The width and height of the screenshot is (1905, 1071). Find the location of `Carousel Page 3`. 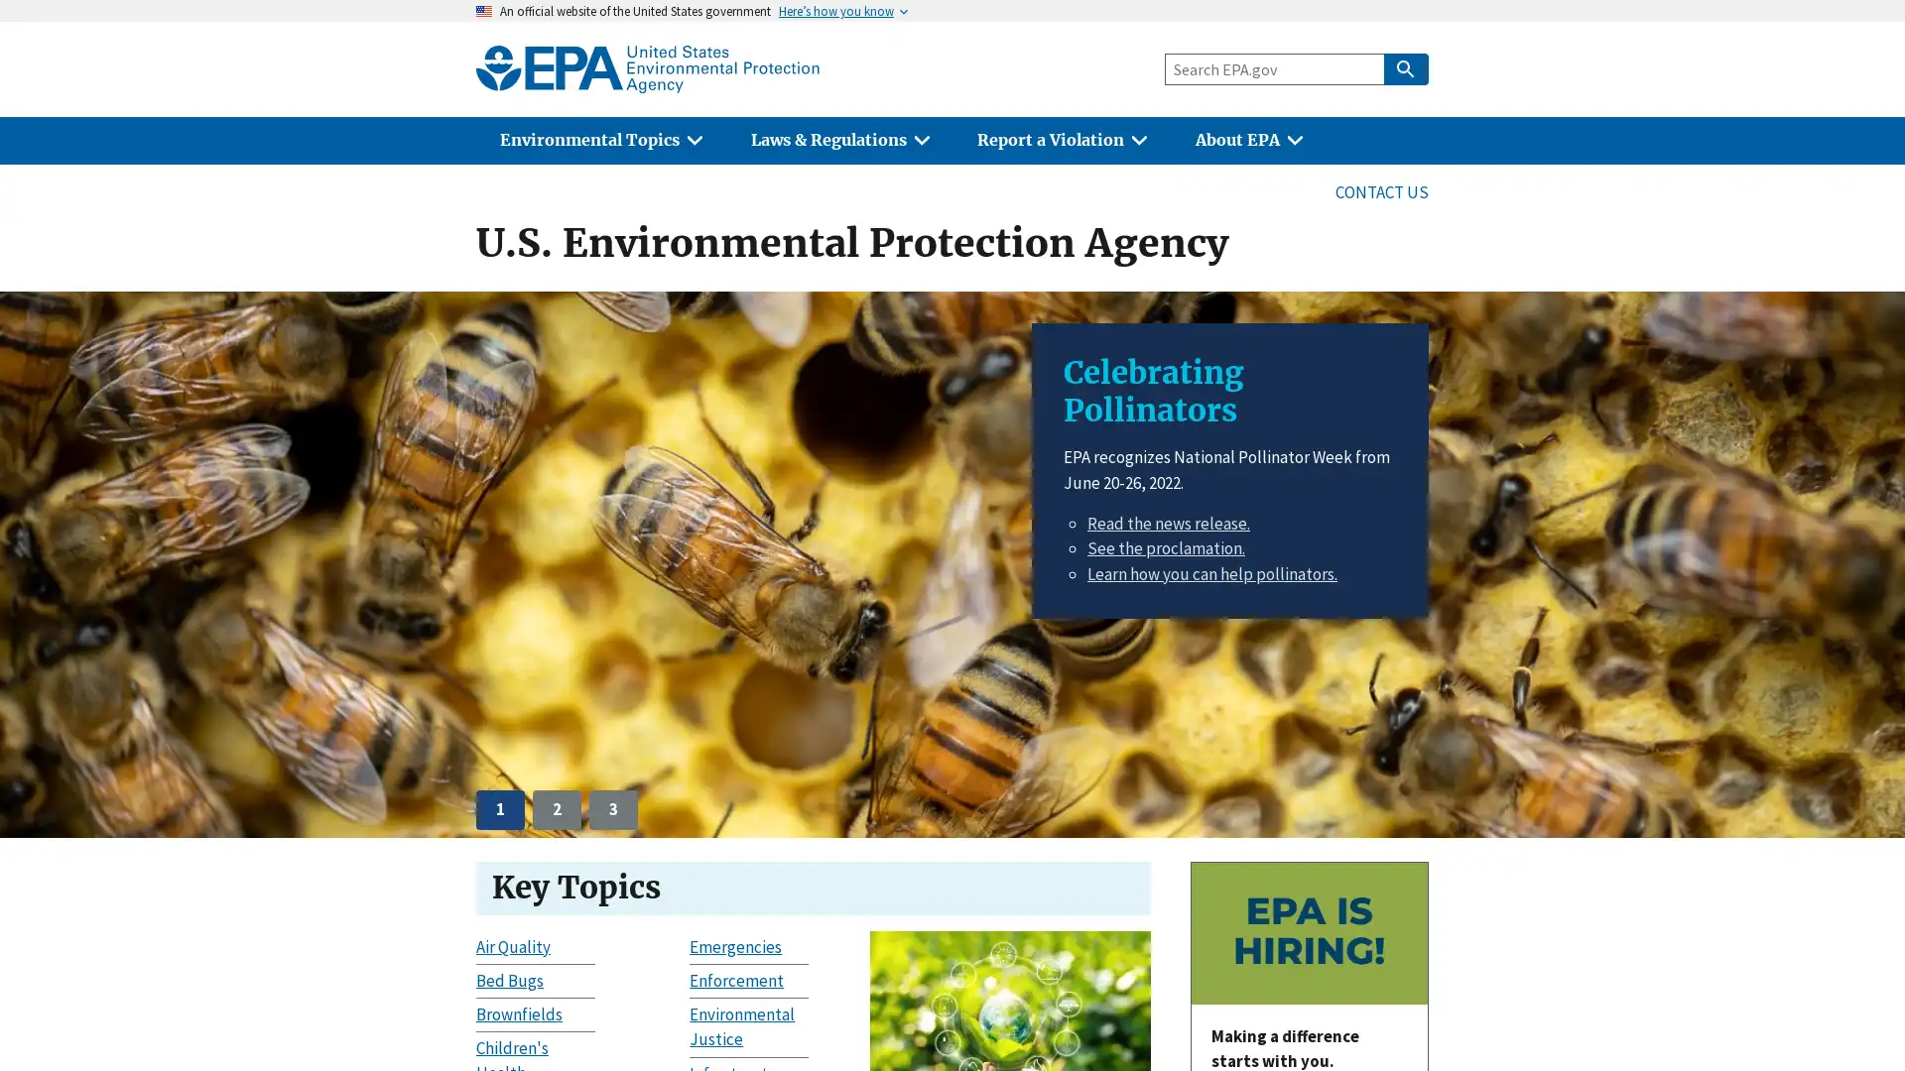

Carousel Page 3 is located at coordinates (612, 809).